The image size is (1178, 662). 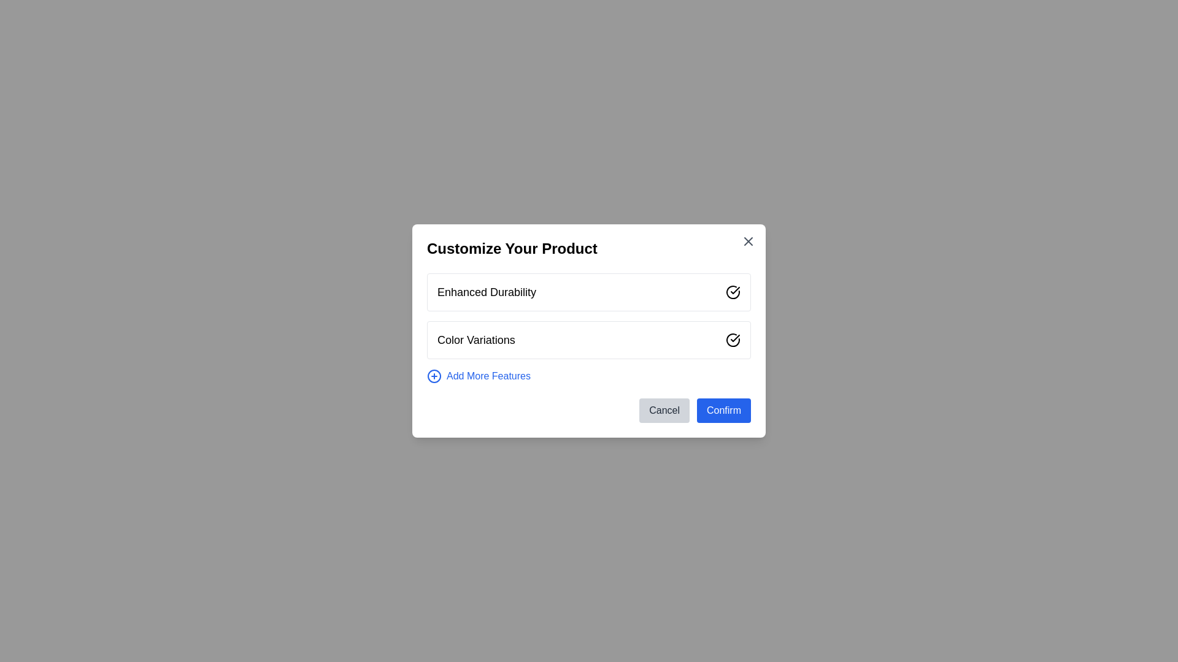 I want to click on the circular confirmation icon located on the right side of the 'Color Variations' row in the dialog box, so click(x=735, y=338).